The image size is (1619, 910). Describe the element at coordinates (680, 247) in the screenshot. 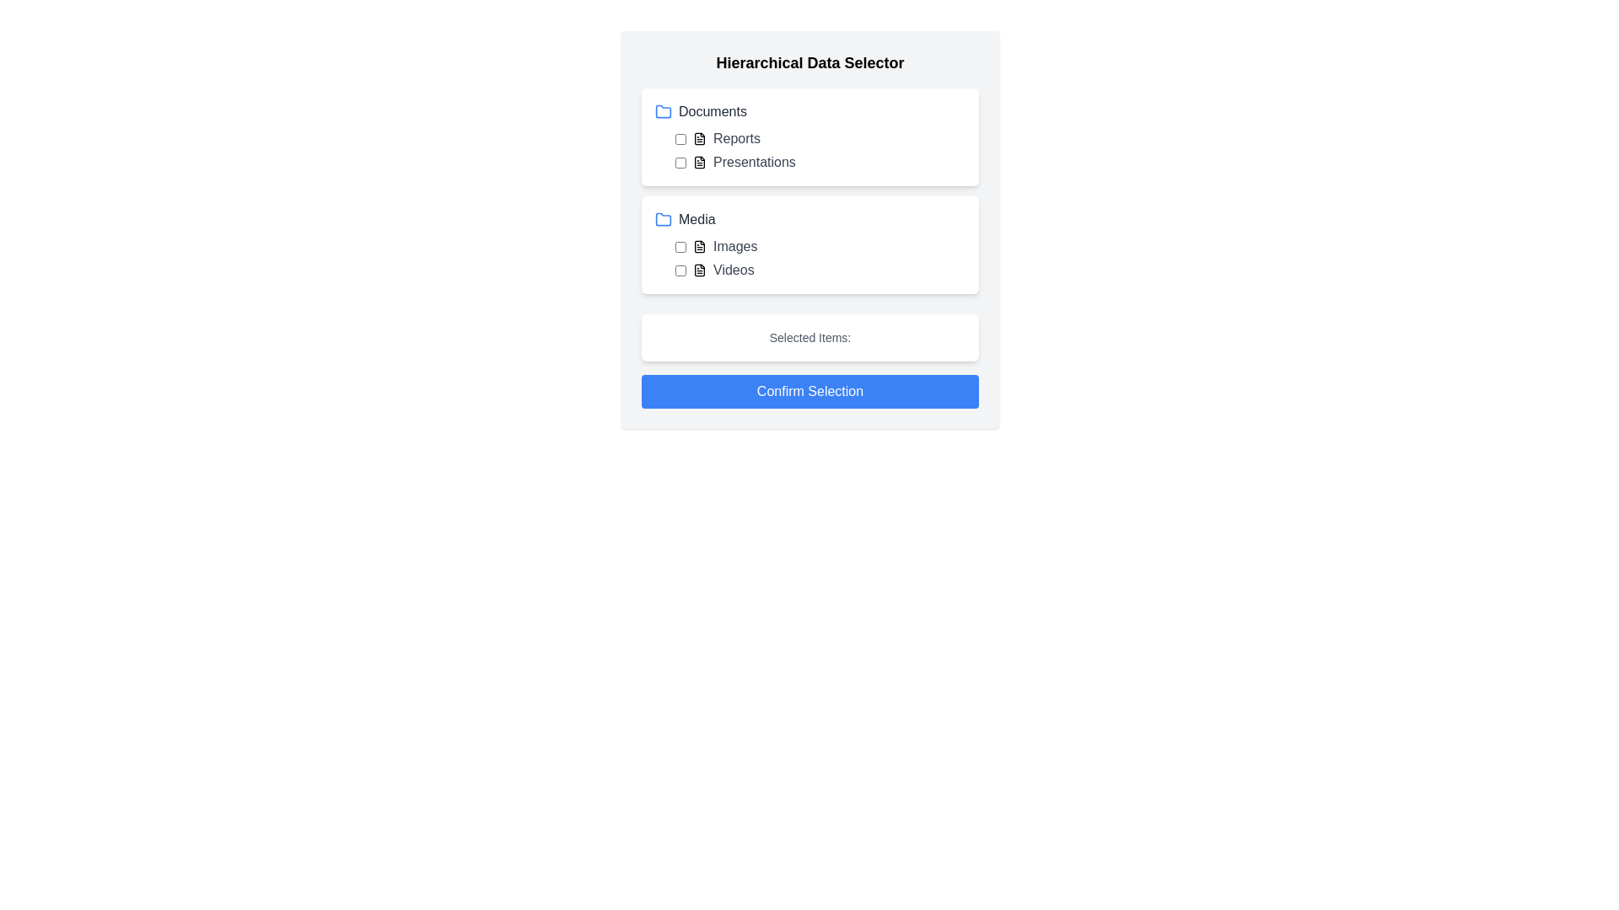

I see `the checkbox labeled 'Images' to check or uncheck it` at that location.